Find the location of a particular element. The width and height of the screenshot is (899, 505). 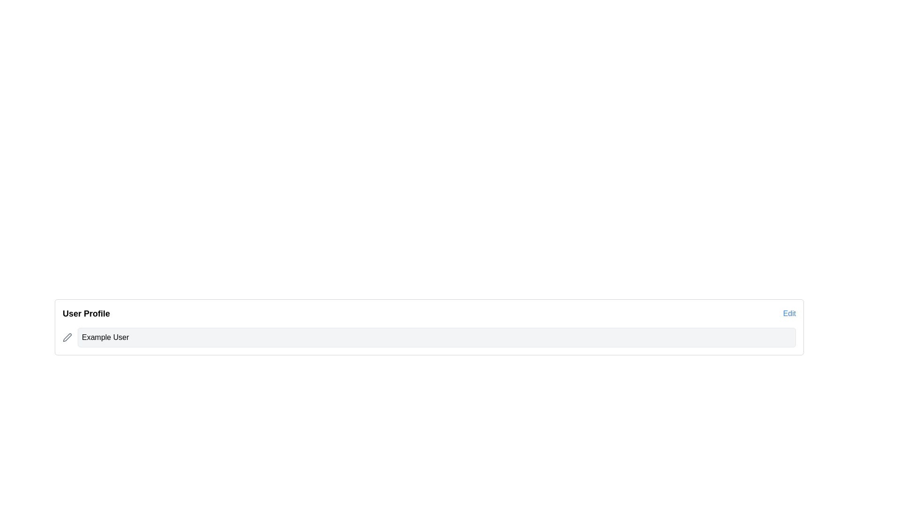

the 'Edit' hyperlink located at the far right of the 'User Profile' header is located at coordinates (789, 314).